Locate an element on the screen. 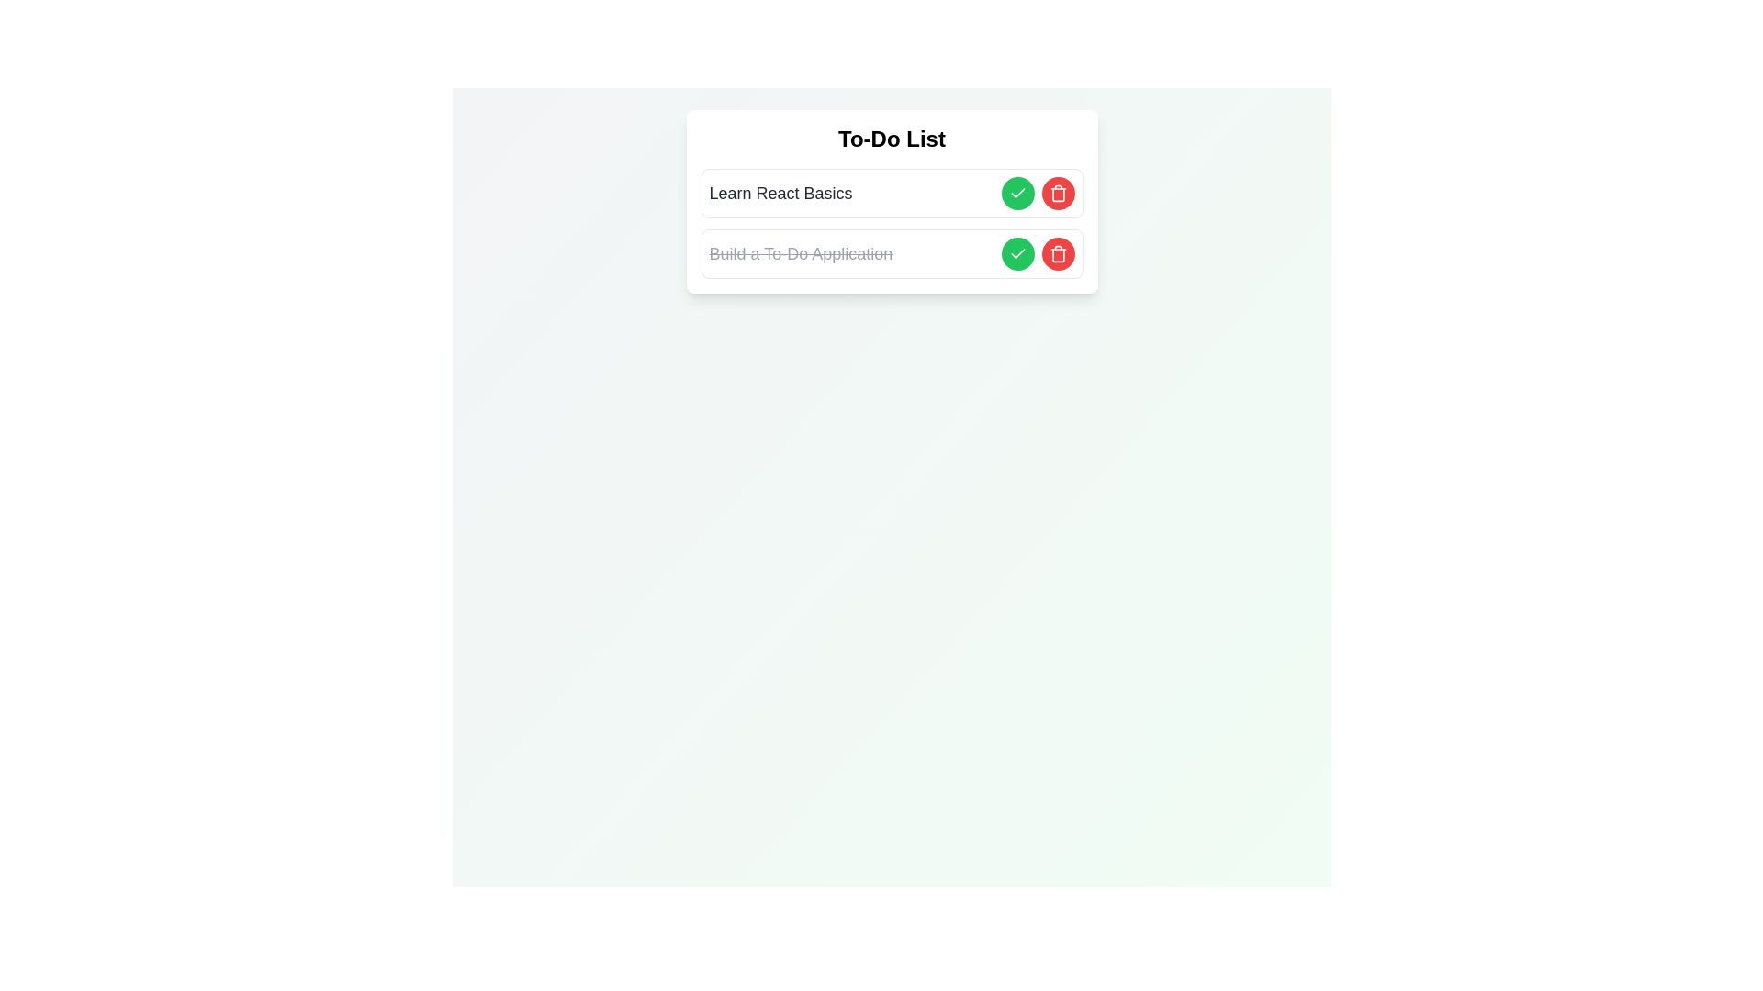 This screenshot has height=991, width=1763. the small green circular button with a white checkmark icon to the right of the task item labeled 'Build a To-Do Application' to mark the task as completed is located at coordinates (1016, 254).